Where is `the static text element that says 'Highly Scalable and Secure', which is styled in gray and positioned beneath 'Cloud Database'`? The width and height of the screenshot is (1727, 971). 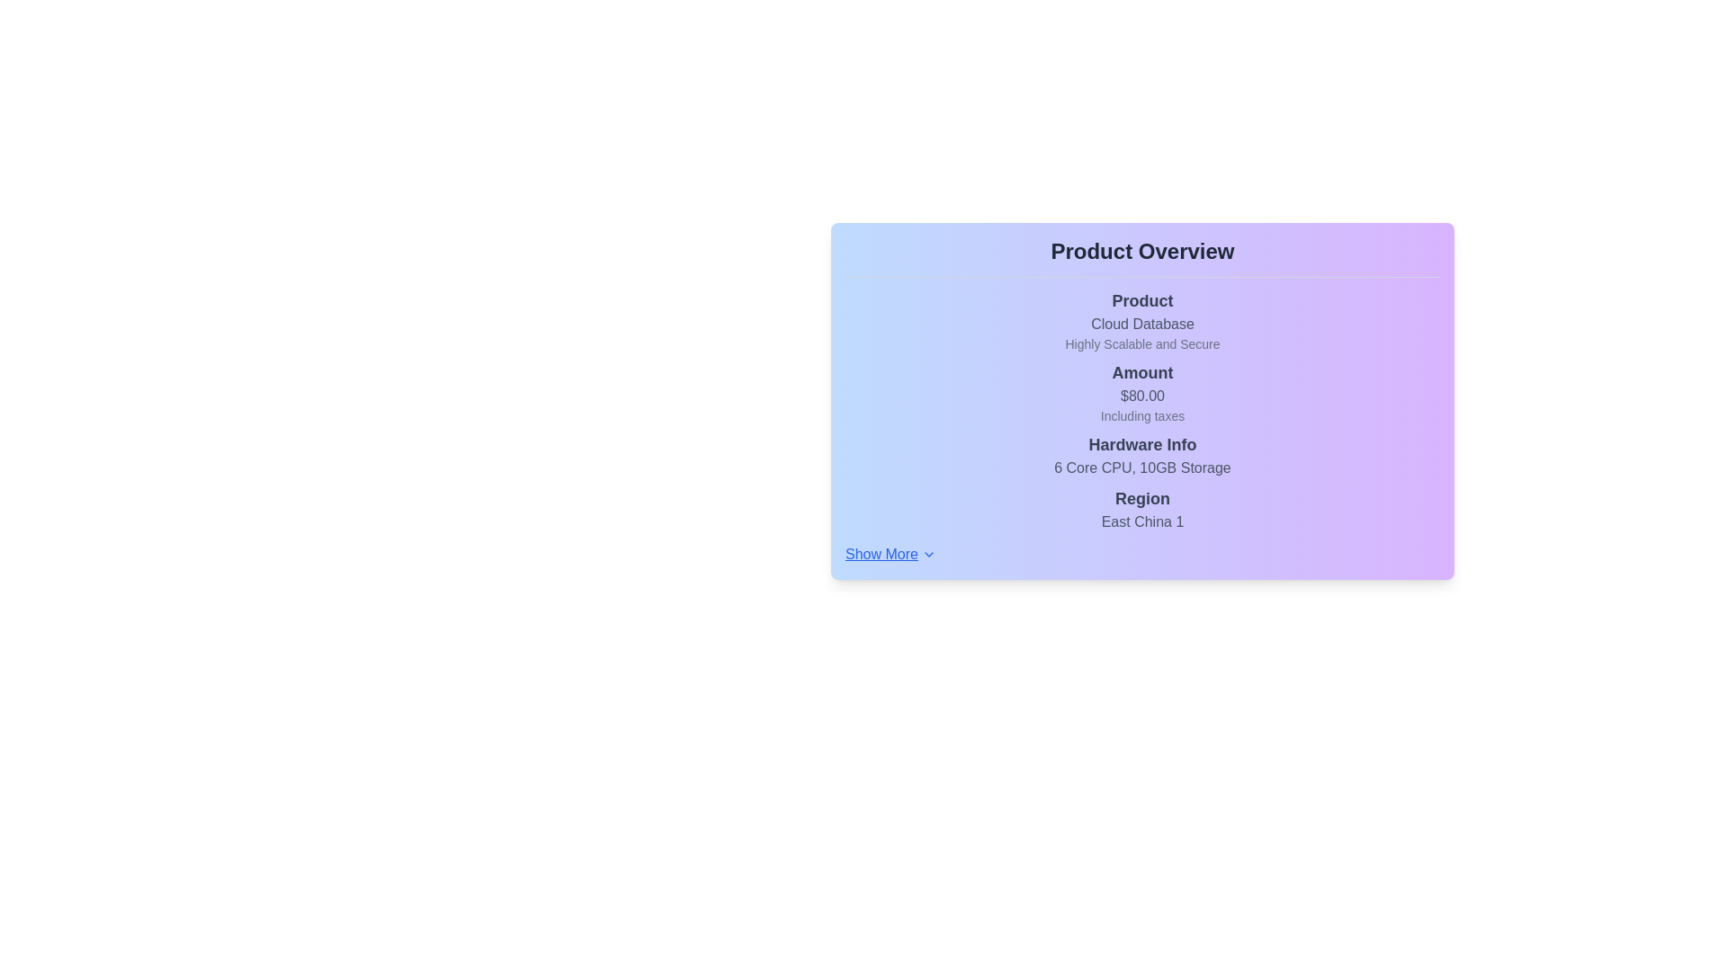
the static text element that says 'Highly Scalable and Secure', which is styled in gray and positioned beneath 'Cloud Database' is located at coordinates (1141, 343).